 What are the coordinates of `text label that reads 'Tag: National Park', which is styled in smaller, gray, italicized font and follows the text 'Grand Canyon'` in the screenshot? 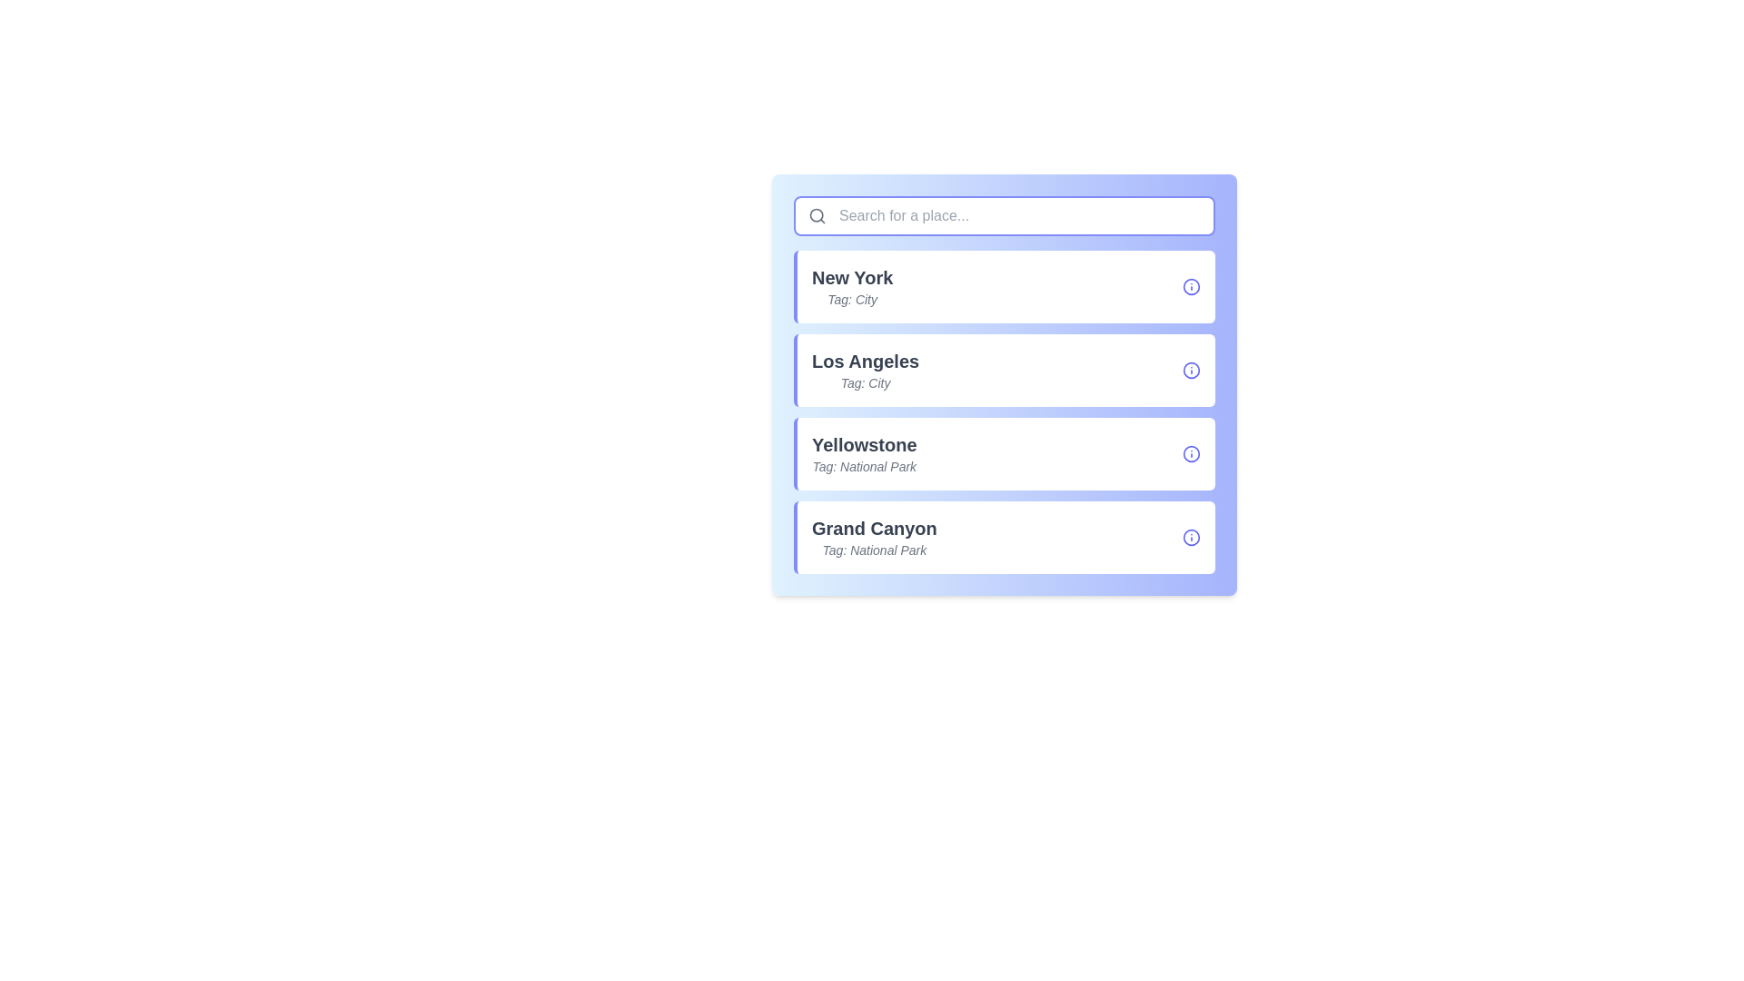 It's located at (874, 549).